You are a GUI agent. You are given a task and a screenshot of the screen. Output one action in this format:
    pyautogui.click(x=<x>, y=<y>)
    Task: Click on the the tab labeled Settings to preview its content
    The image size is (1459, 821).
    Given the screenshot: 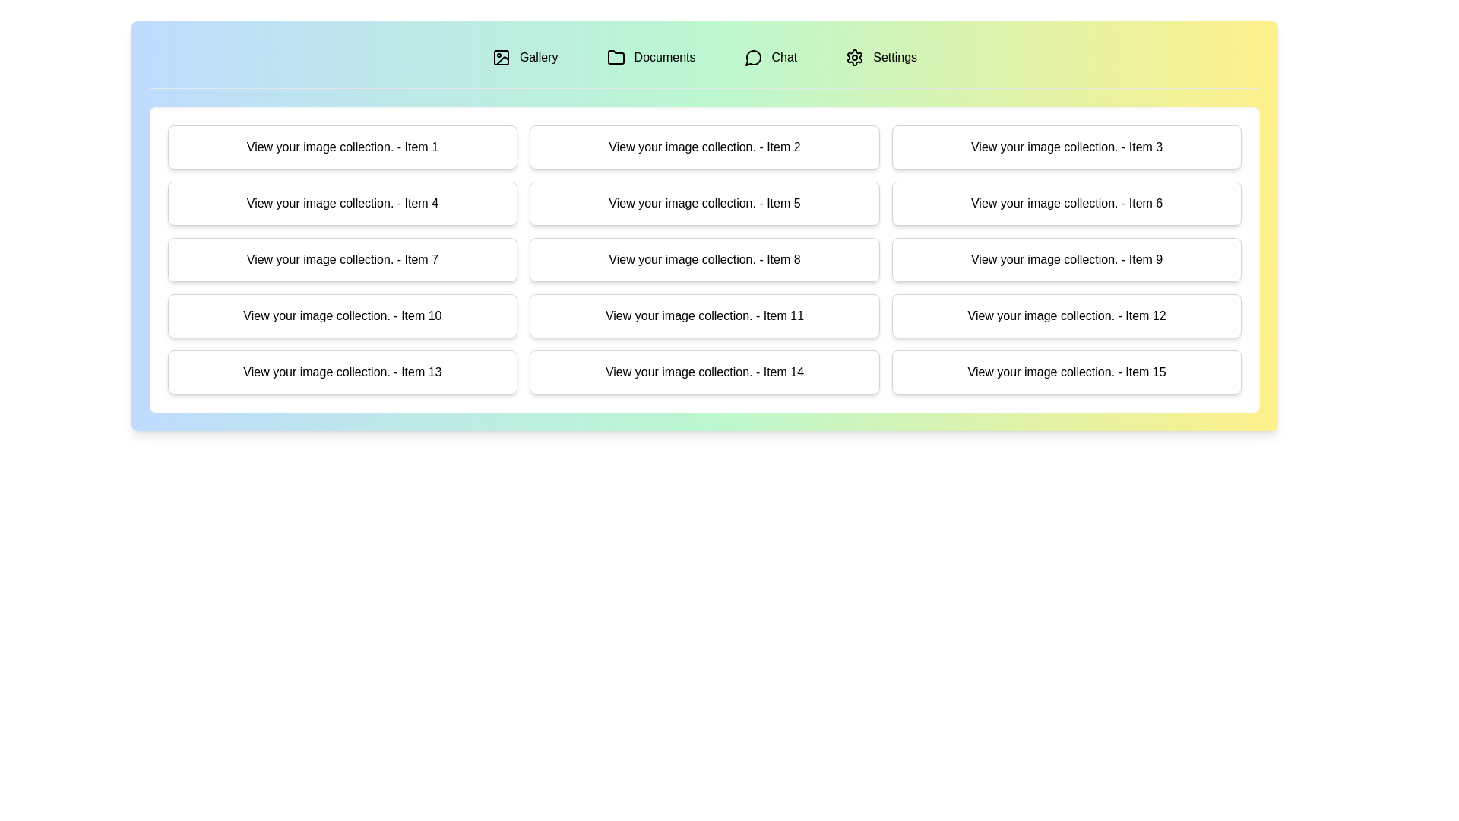 What is the action you would take?
    pyautogui.click(x=881, y=57)
    